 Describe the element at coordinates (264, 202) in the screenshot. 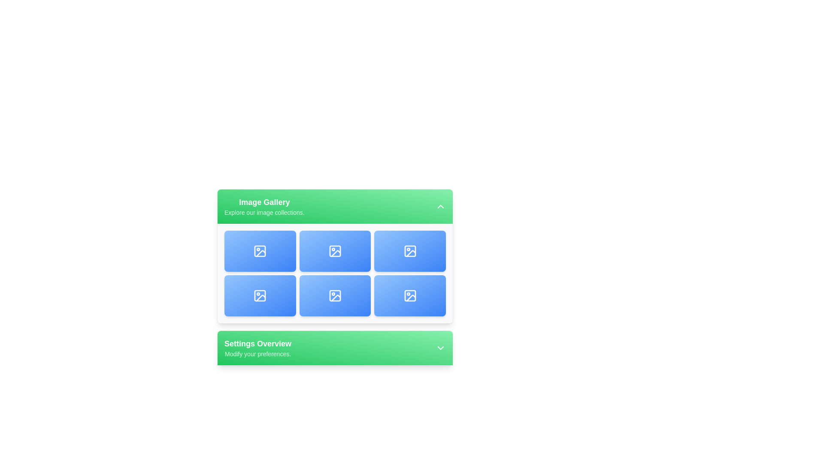

I see `text from the header Text Label located at the top of the green section titled 'Image Gallery', which serves as an overview of the content related to the image gallery` at that location.